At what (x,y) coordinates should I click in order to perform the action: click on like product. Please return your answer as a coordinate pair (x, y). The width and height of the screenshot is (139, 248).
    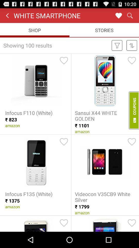
    Looking at the image, I should click on (132, 142).